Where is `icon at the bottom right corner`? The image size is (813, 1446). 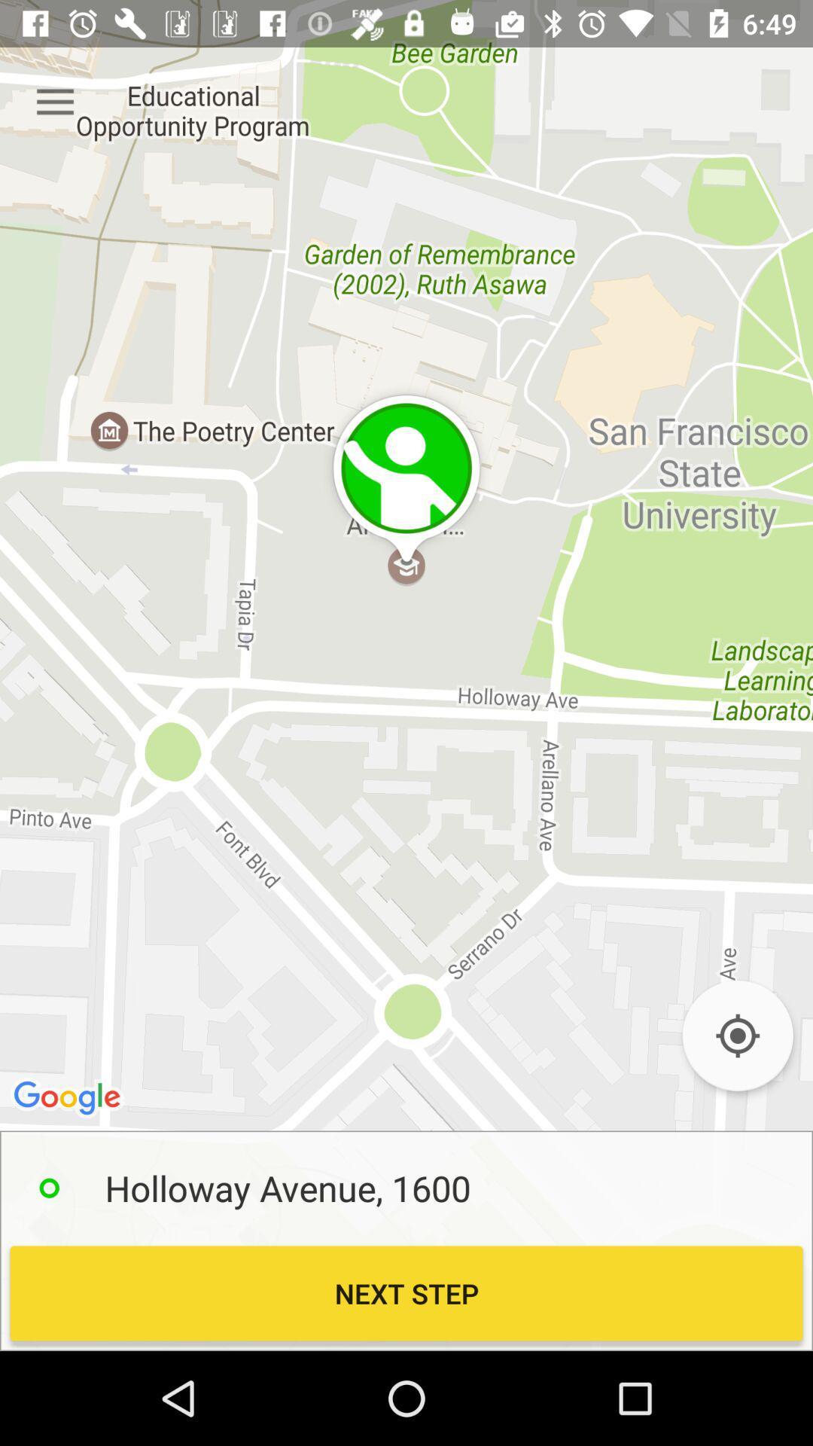 icon at the bottom right corner is located at coordinates (737, 1035).